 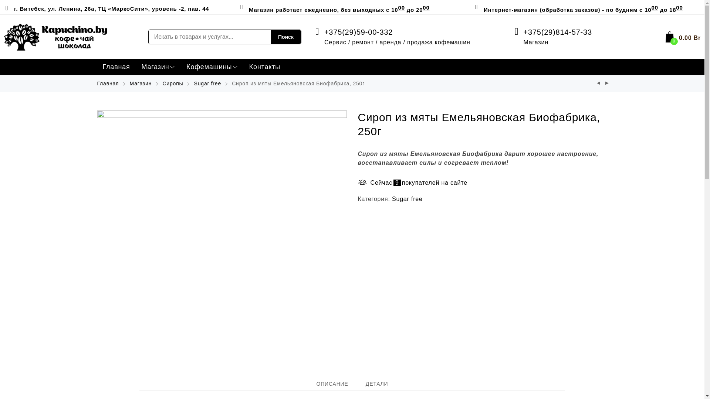 I want to click on 'Sugar free', so click(x=207, y=83).